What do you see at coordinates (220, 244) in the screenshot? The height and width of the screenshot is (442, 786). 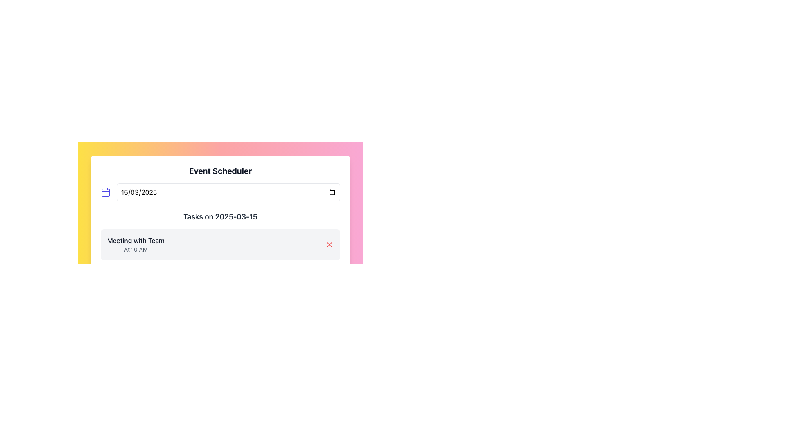 I see `the task card displaying the meeting scheduled at 10 AM` at bounding box center [220, 244].